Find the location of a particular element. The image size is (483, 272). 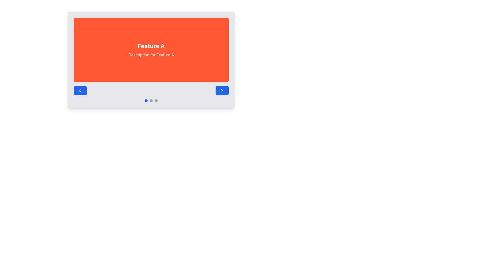

the blue button located at the bottom right of the main card interface, which contains the navigational icon for transitioning to the next item in a sequence is located at coordinates (222, 90).